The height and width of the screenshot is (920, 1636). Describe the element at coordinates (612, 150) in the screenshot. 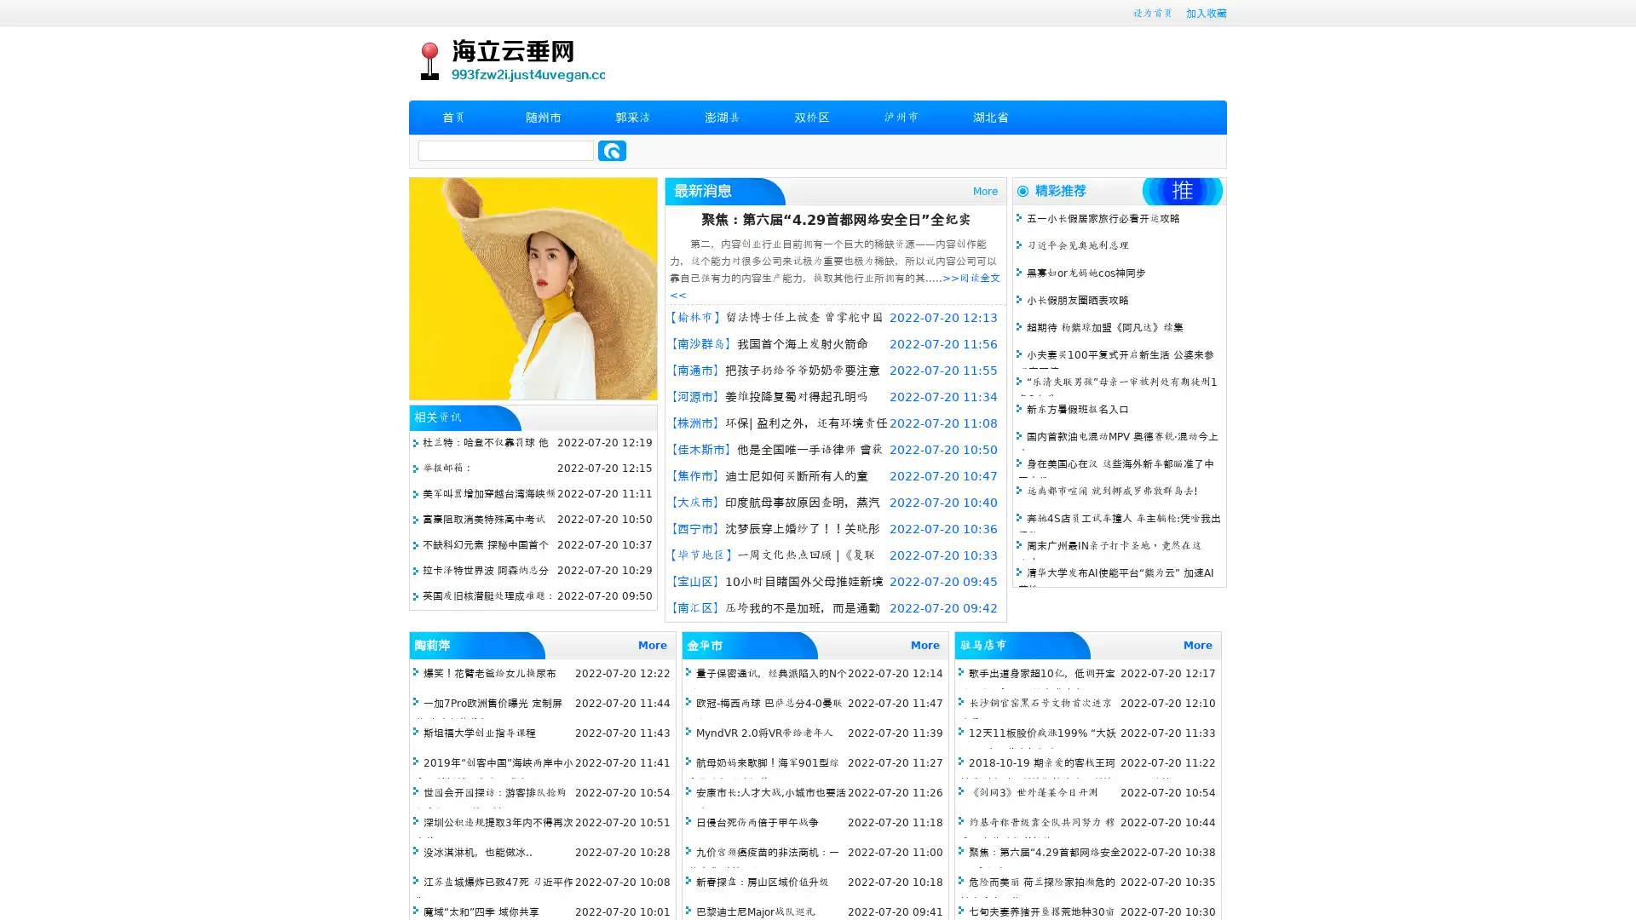

I see `Search` at that location.